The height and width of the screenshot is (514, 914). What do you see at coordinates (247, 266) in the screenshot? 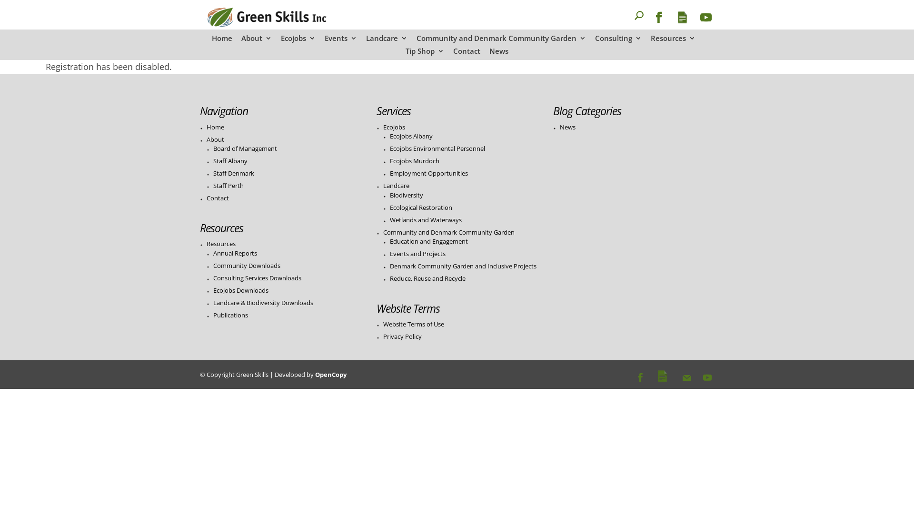
I see `'Community Downloads'` at bounding box center [247, 266].